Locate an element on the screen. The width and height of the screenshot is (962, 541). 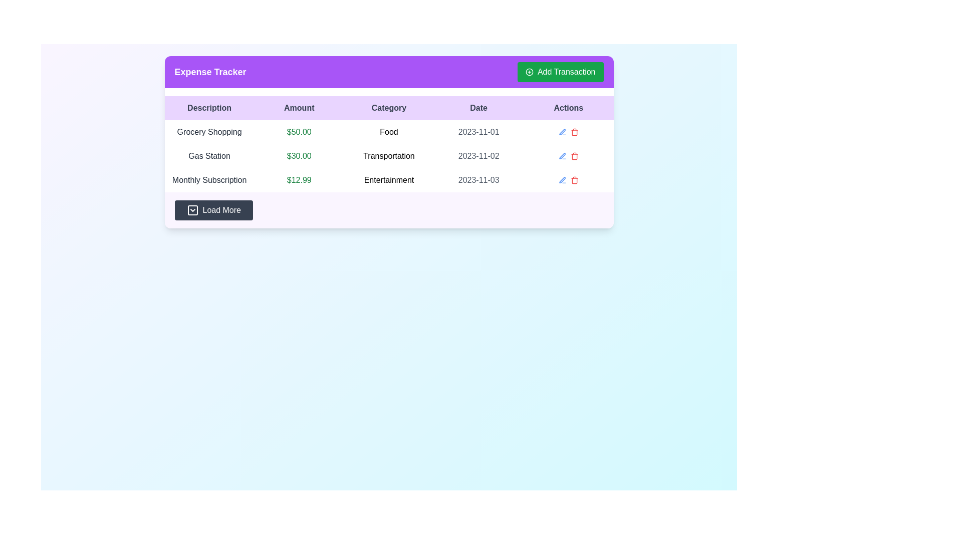
the table header row with a purple background and gray text, which contains the labels 'Description', 'Amount', 'Category', 'Date', and 'Actions' is located at coordinates (388, 108).